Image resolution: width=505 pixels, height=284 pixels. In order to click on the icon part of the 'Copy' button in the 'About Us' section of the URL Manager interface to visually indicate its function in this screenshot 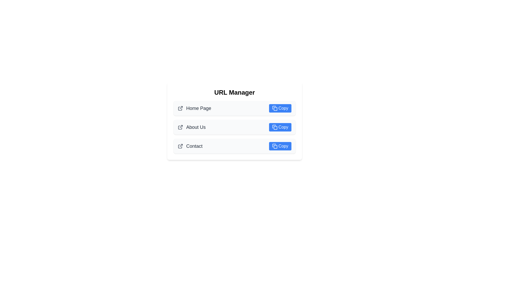, I will do `click(274, 126)`.